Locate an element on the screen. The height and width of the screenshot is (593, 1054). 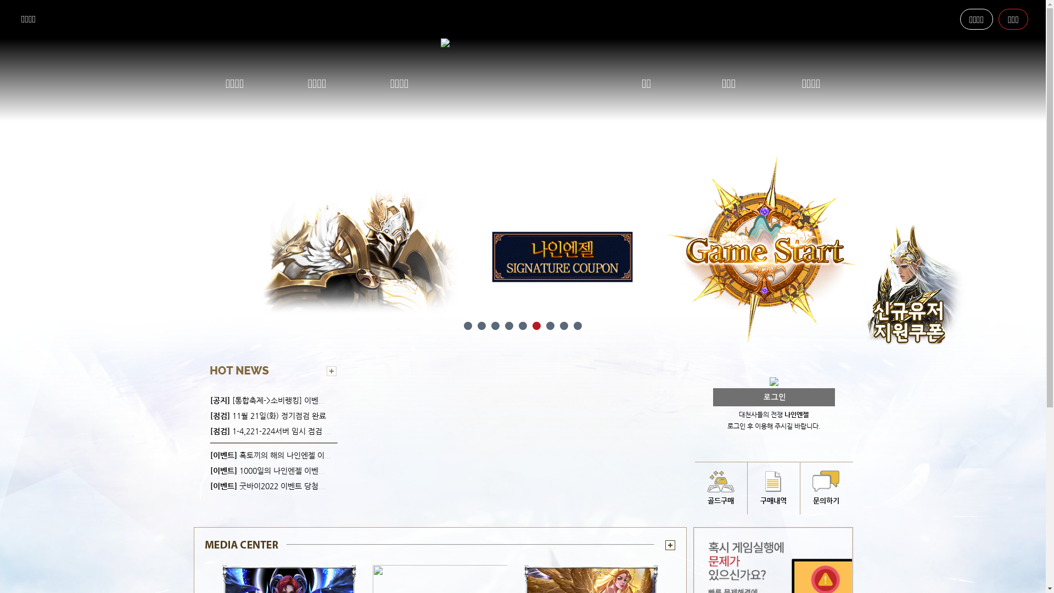
'4' is located at coordinates (504, 325).